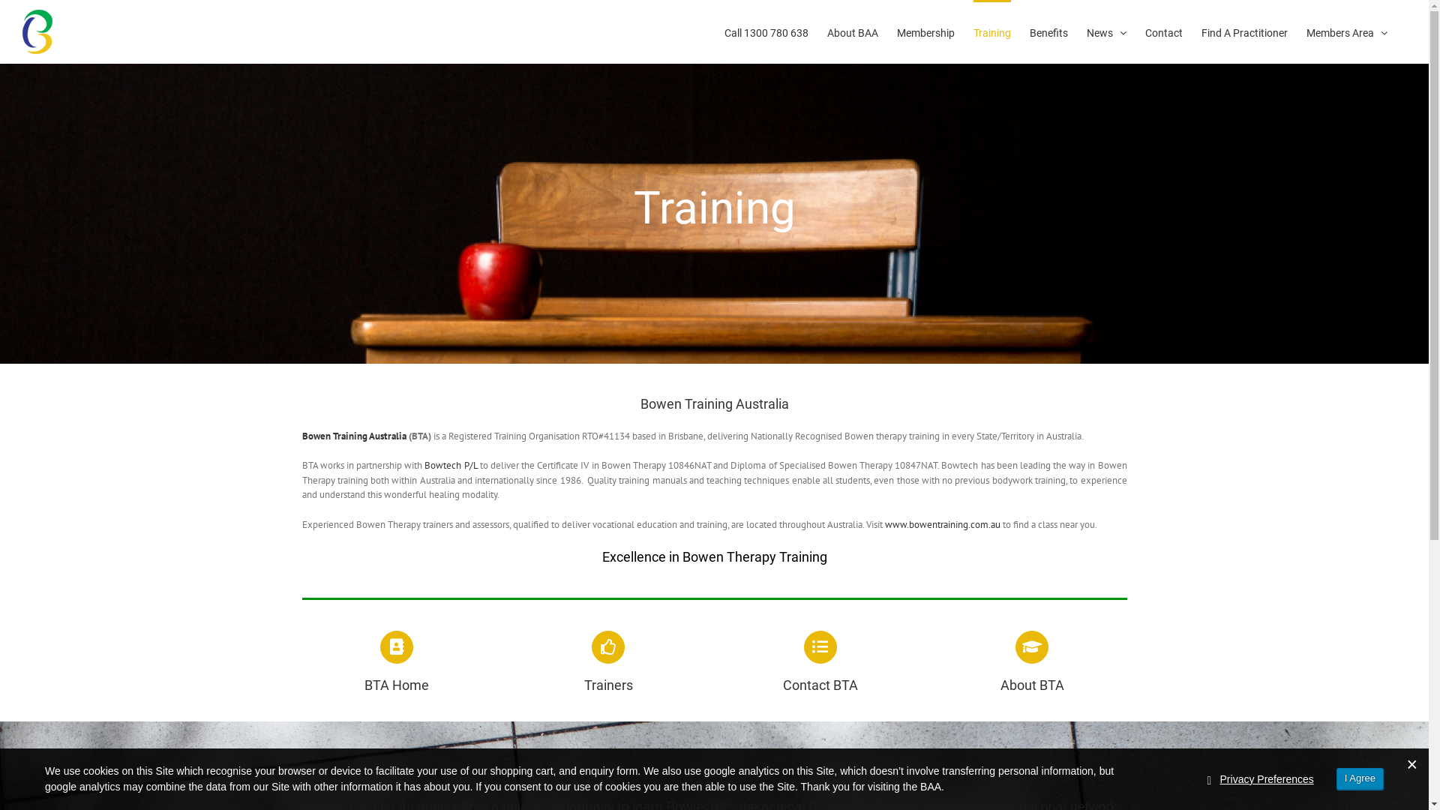 This screenshot has height=810, width=1440. What do you see at coordinates (925, 31) in the screenshot?
I see `'Membership'` at bounding box center [925, 31].